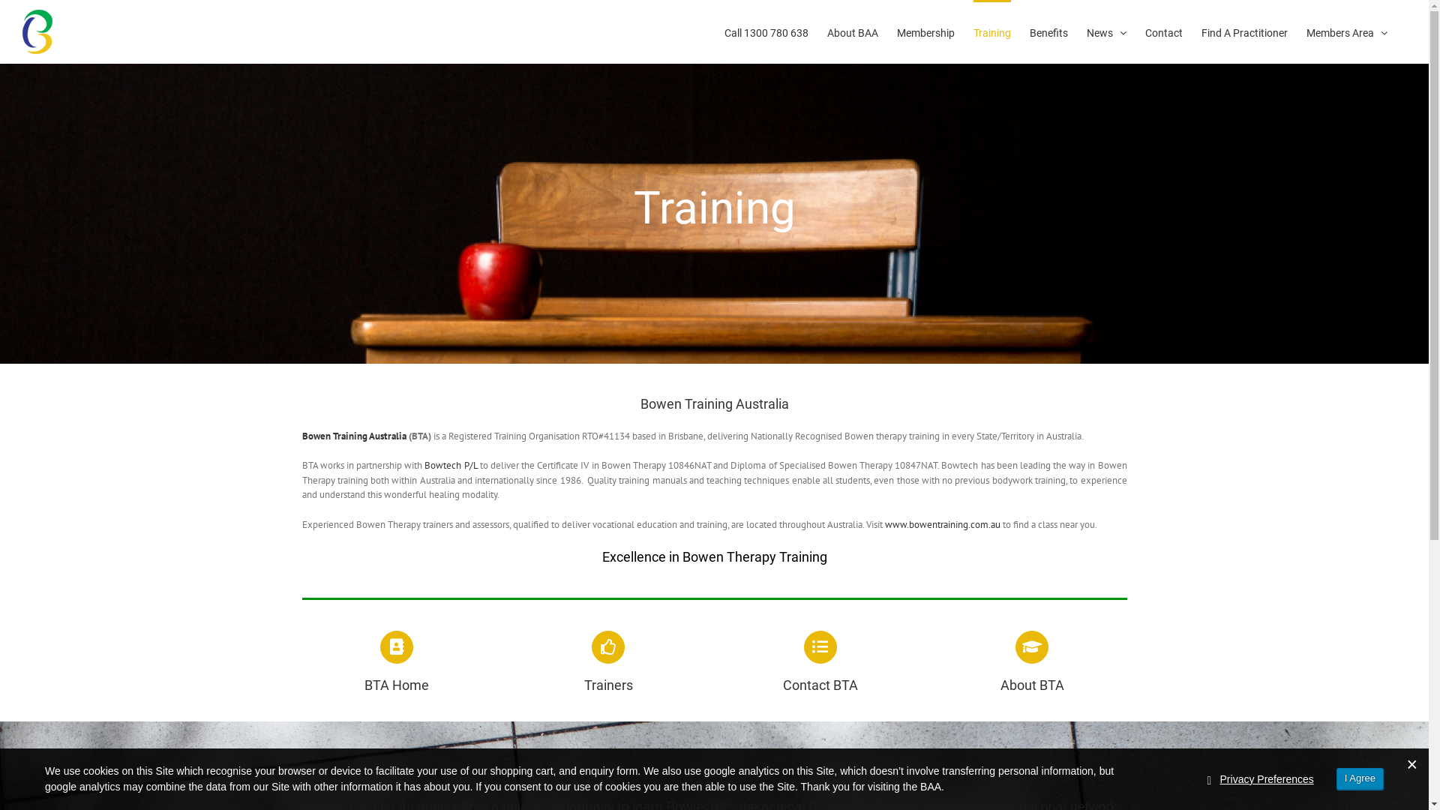 This screenshot has height=810, width=1440. What do you see at coordinates (925, 31) in the screenshot?
I see `'Membership'` at bounding box center [925, 31].